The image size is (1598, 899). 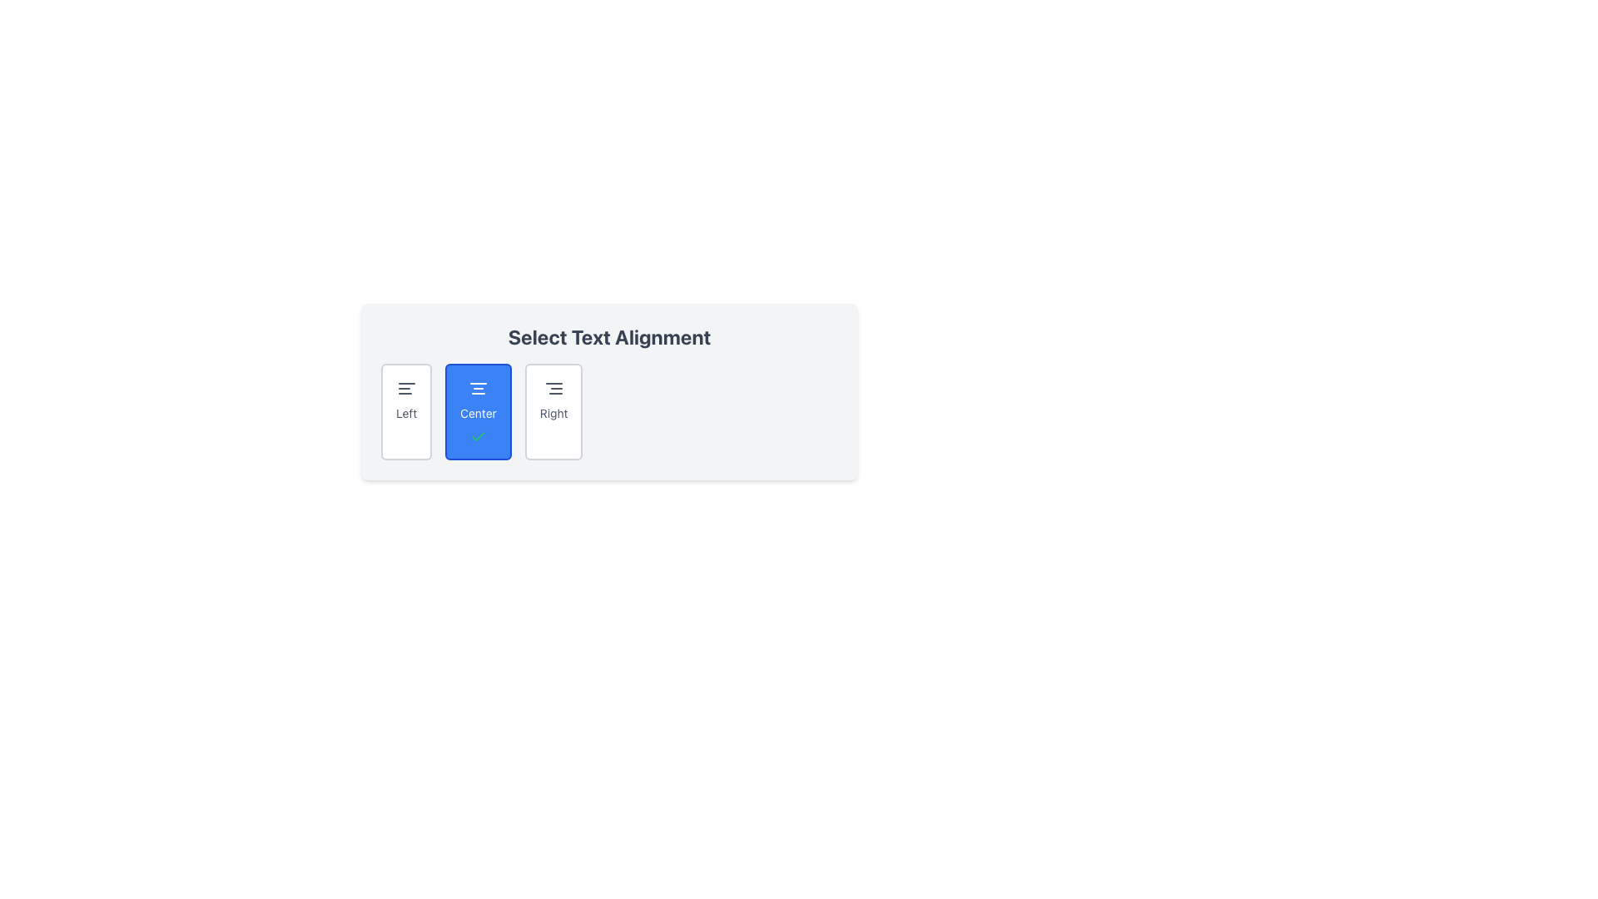 What do you see at coordinates (406, 388) in the screenshot?
I see `the 'Left' button that contains the icon with three horizontal lines` at bounding box center [406, 388].